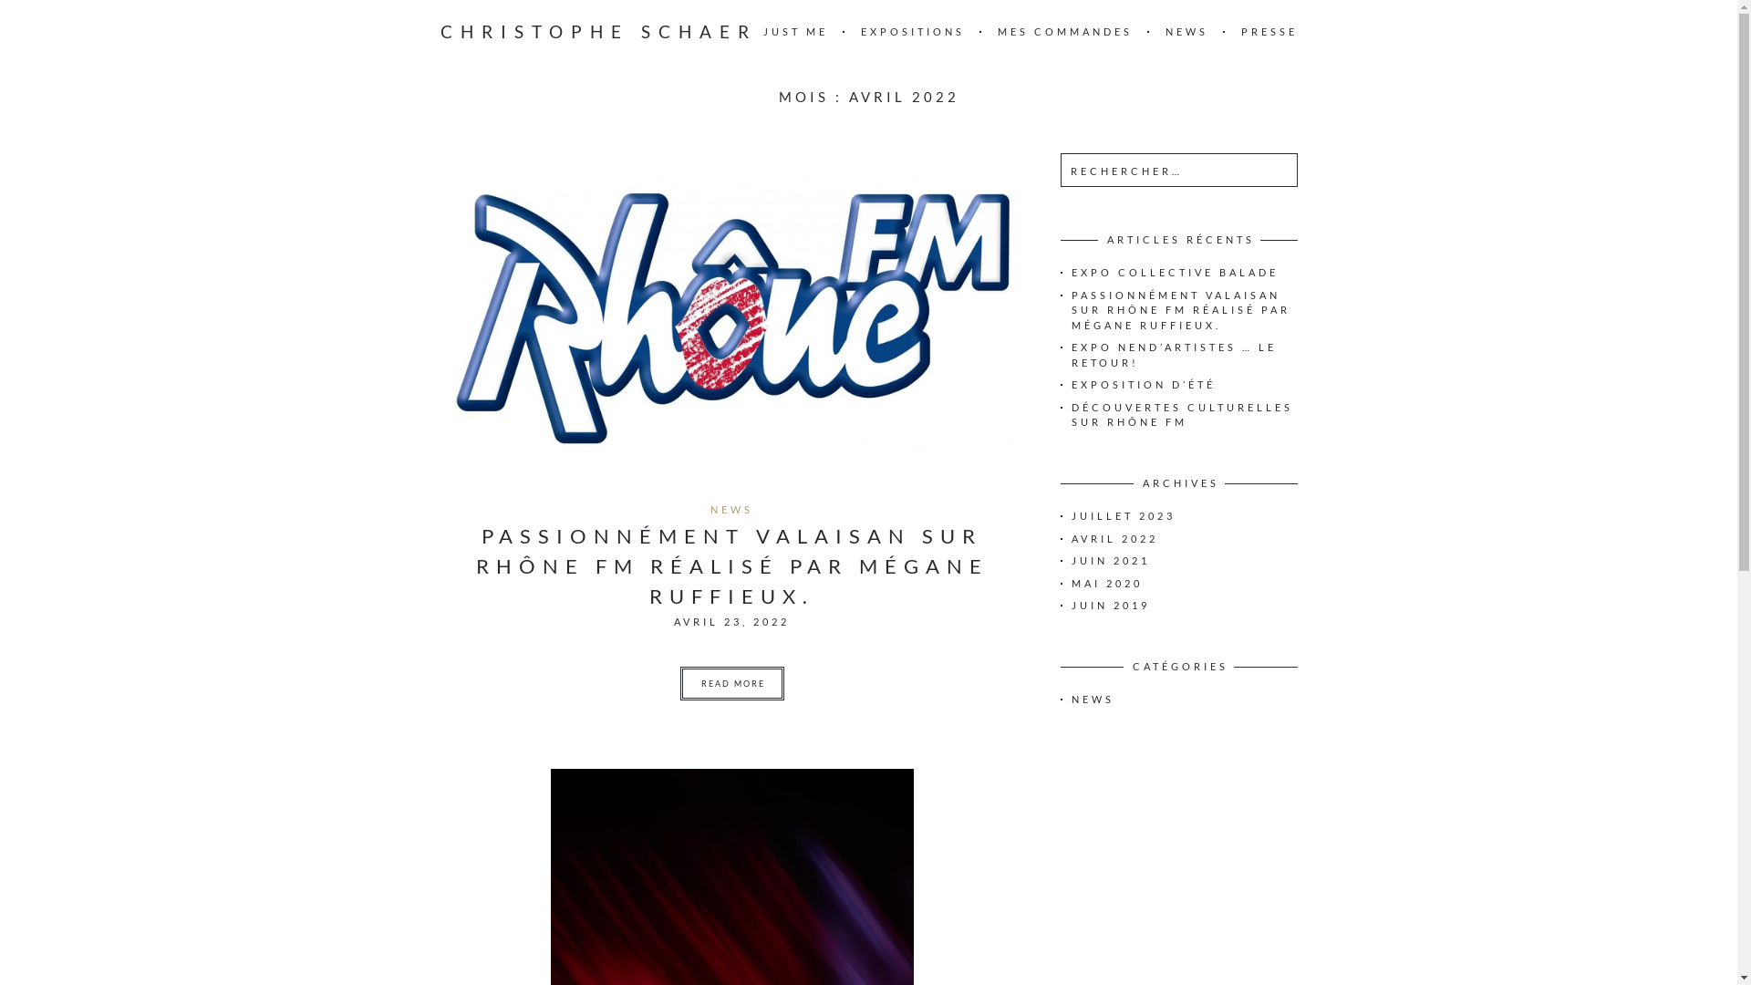 The height and width of the screenshot is (985, 1751). I want to click on 'JUST ME', so click(794, 31).